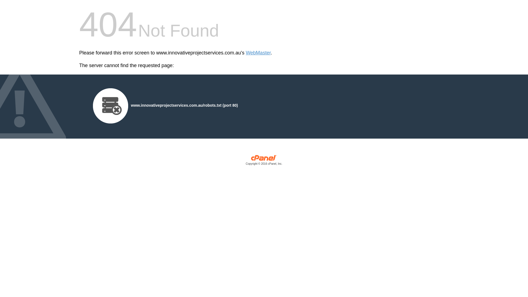 This screenshot has height=297, width=528. What do you see at coordinates (258, 53) in the screenshot?
I see `'WebMaster'` at bounding box center [258, 53].